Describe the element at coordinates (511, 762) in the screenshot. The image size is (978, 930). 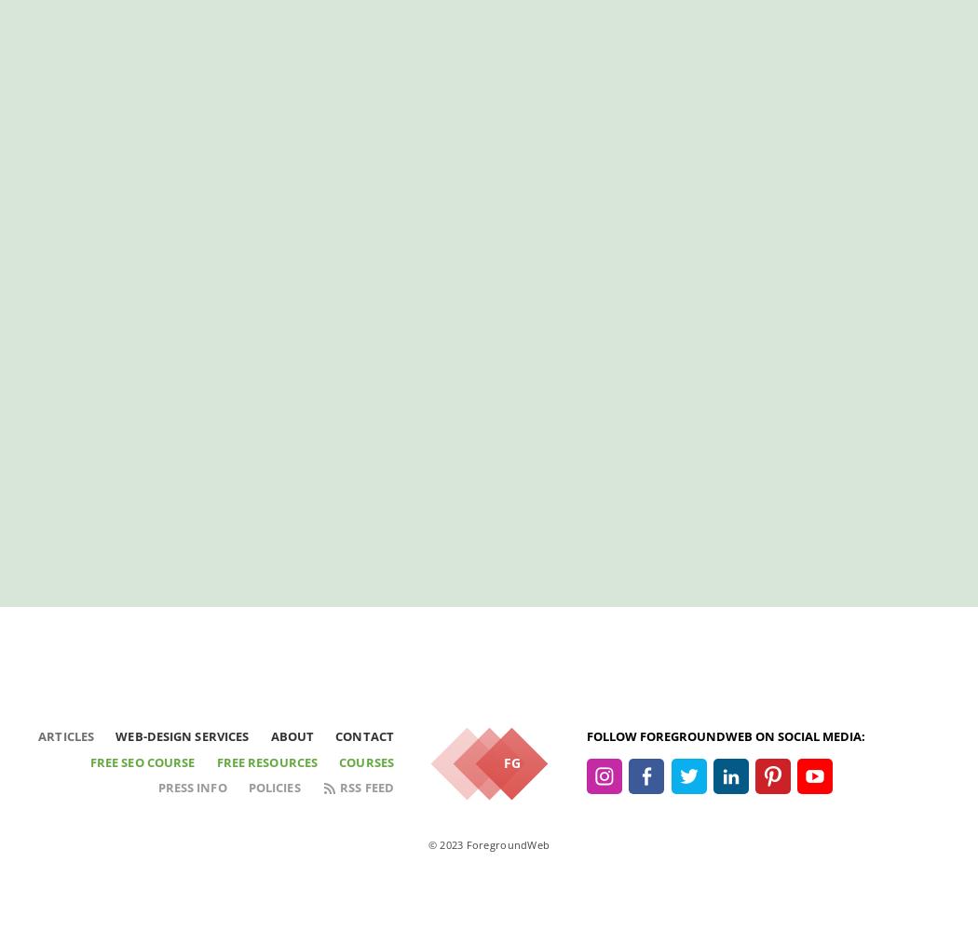
I see `'FG'` at that location.